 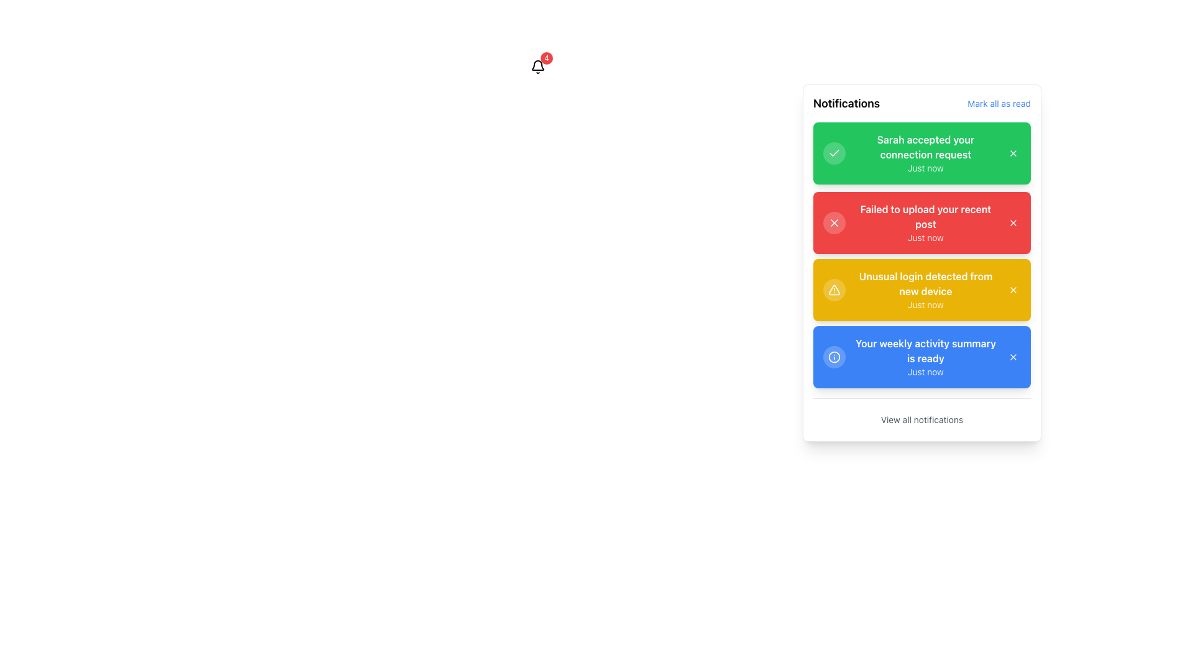 I want to click on the details of the notification that displays 'Failed to upload your recent post' in bold on a red background, located below the green notification and above the yellow notification, so click(x=925, y=222).